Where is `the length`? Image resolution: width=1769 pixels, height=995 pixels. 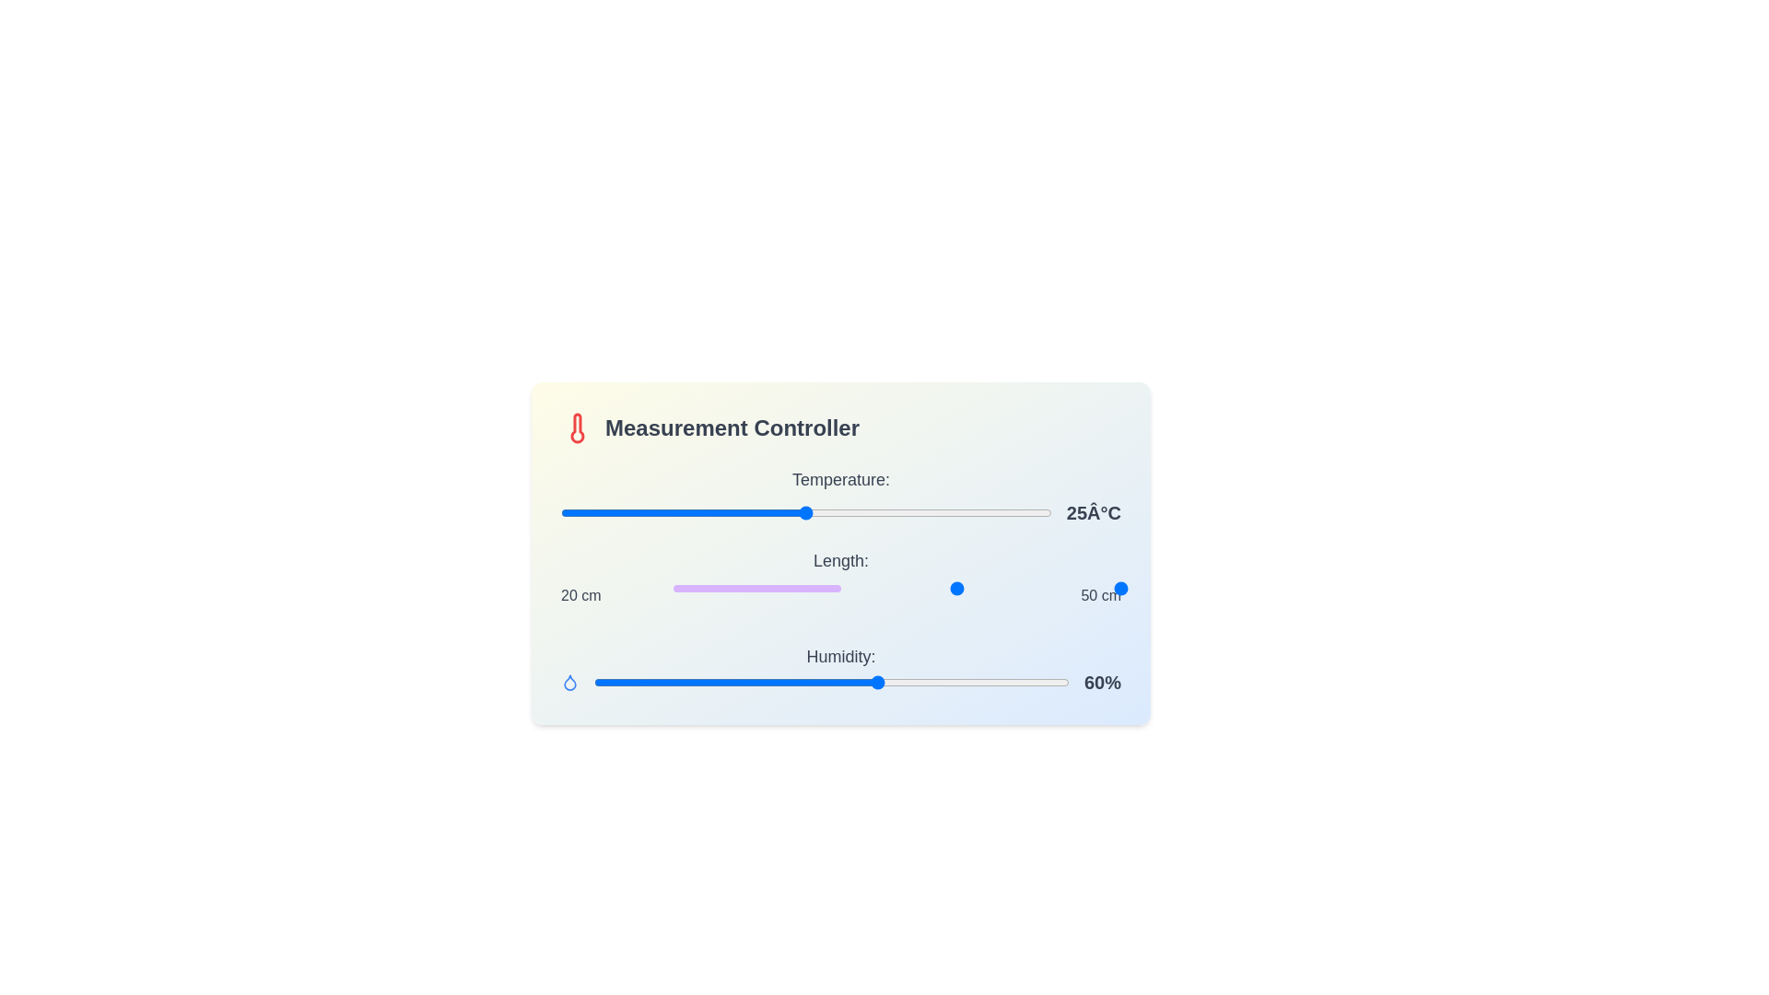
the length is located at coordinates (849, 589).